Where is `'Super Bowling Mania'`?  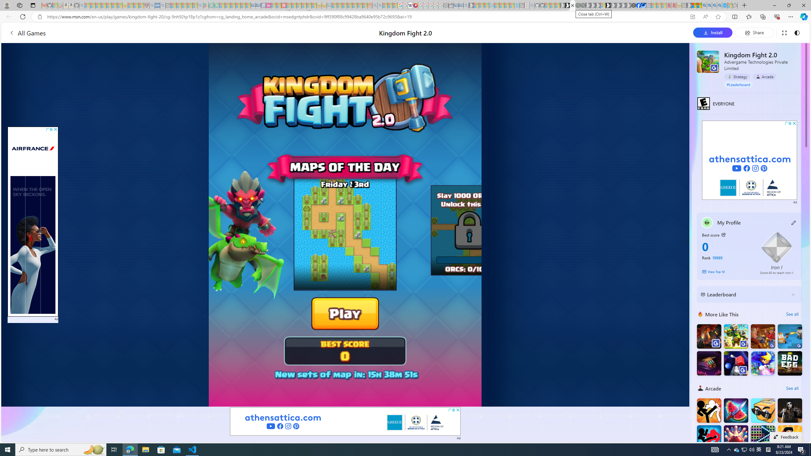 'Super Bowling Mania' is located at coordinates (736, 437).